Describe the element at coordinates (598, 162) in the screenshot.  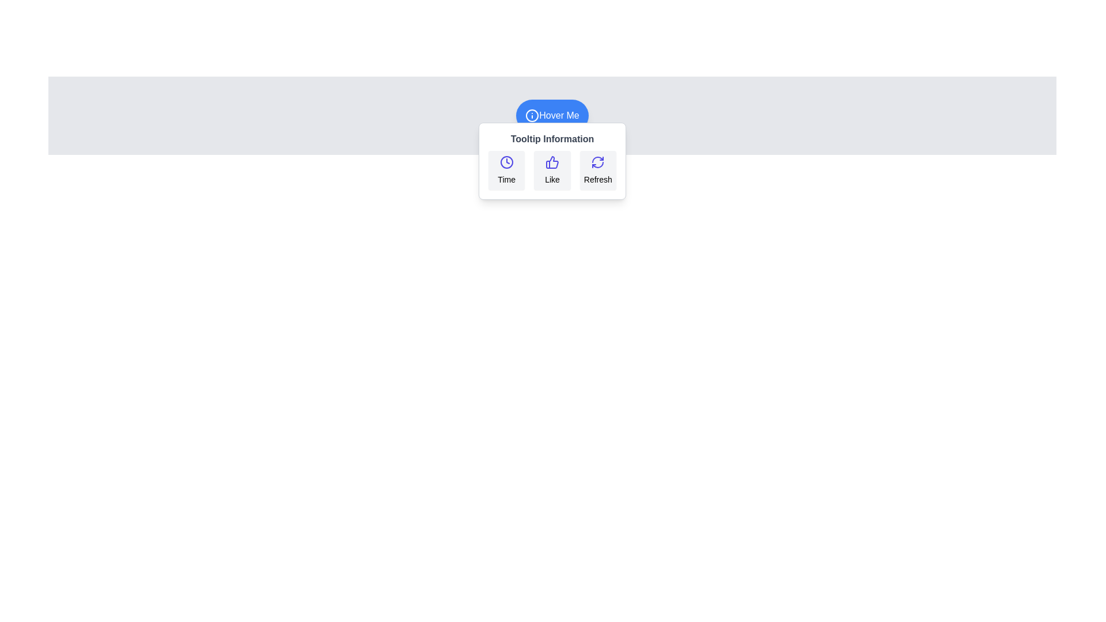
I see `the refresh icon, which is a circular icon with curved arrows in a blue shade, located at the top of the 'Refresh' button in the tooltip under 'Hover Me'` at that location.